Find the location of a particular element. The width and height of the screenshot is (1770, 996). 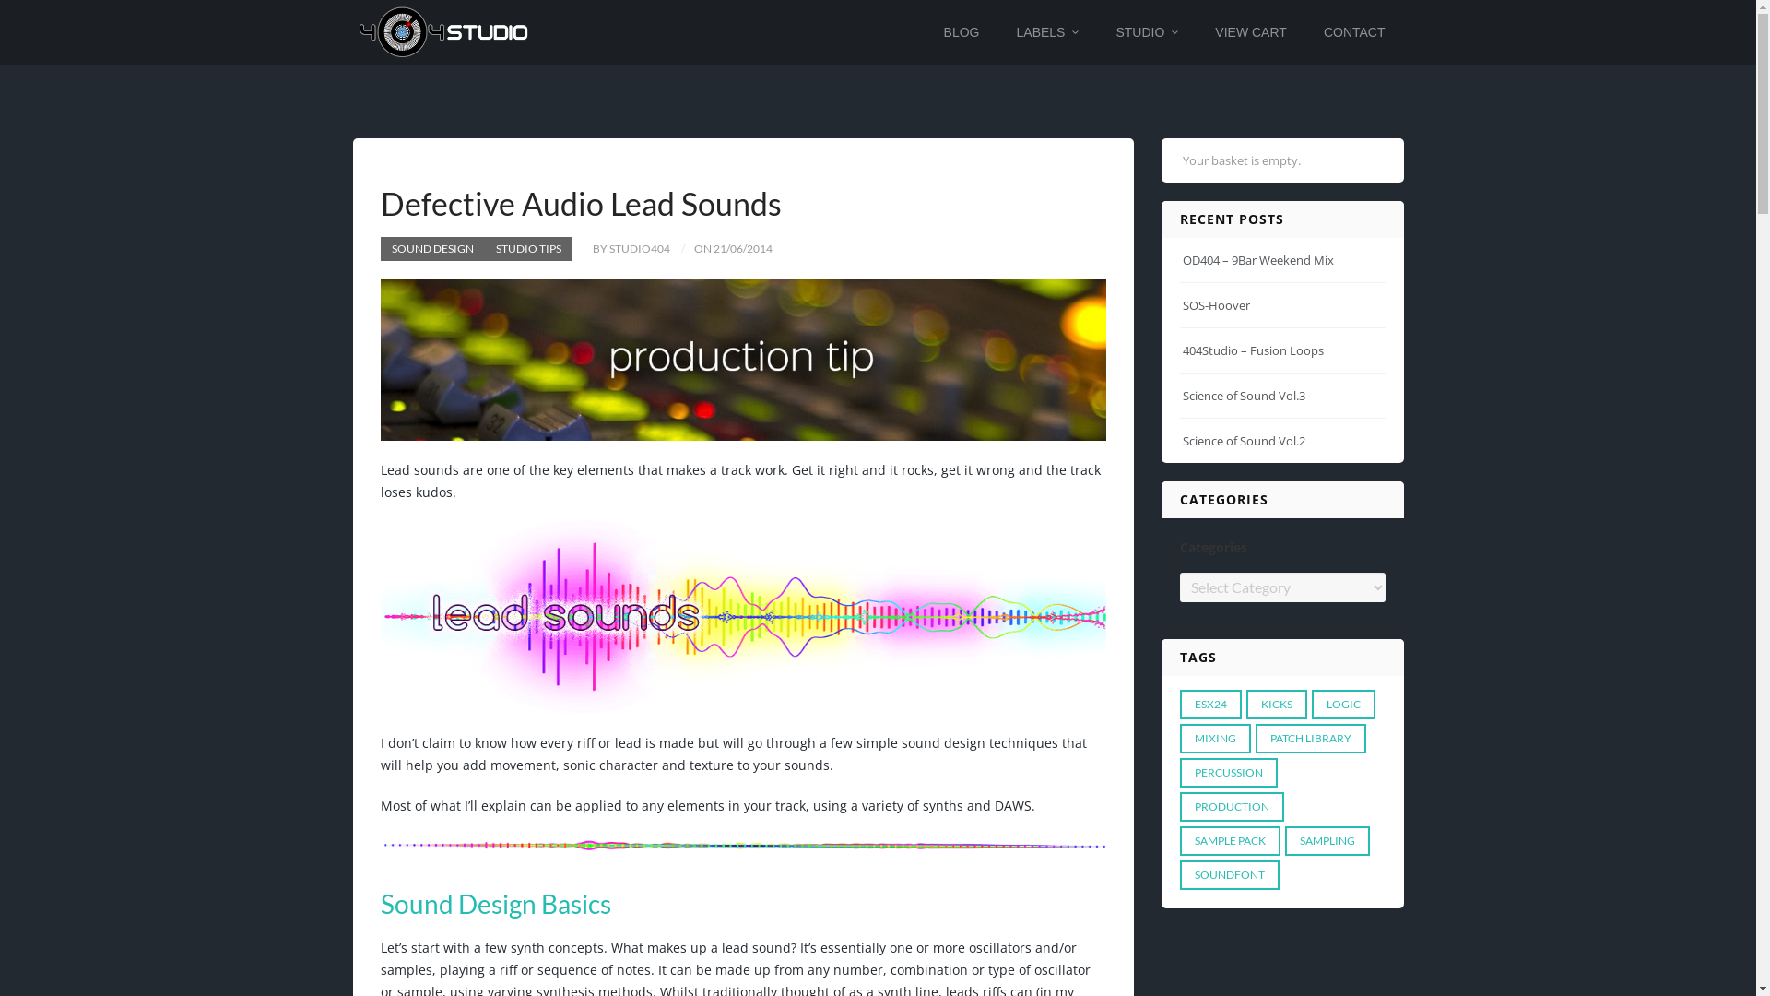

'LABELS' is located at coordinates (1002, 31).